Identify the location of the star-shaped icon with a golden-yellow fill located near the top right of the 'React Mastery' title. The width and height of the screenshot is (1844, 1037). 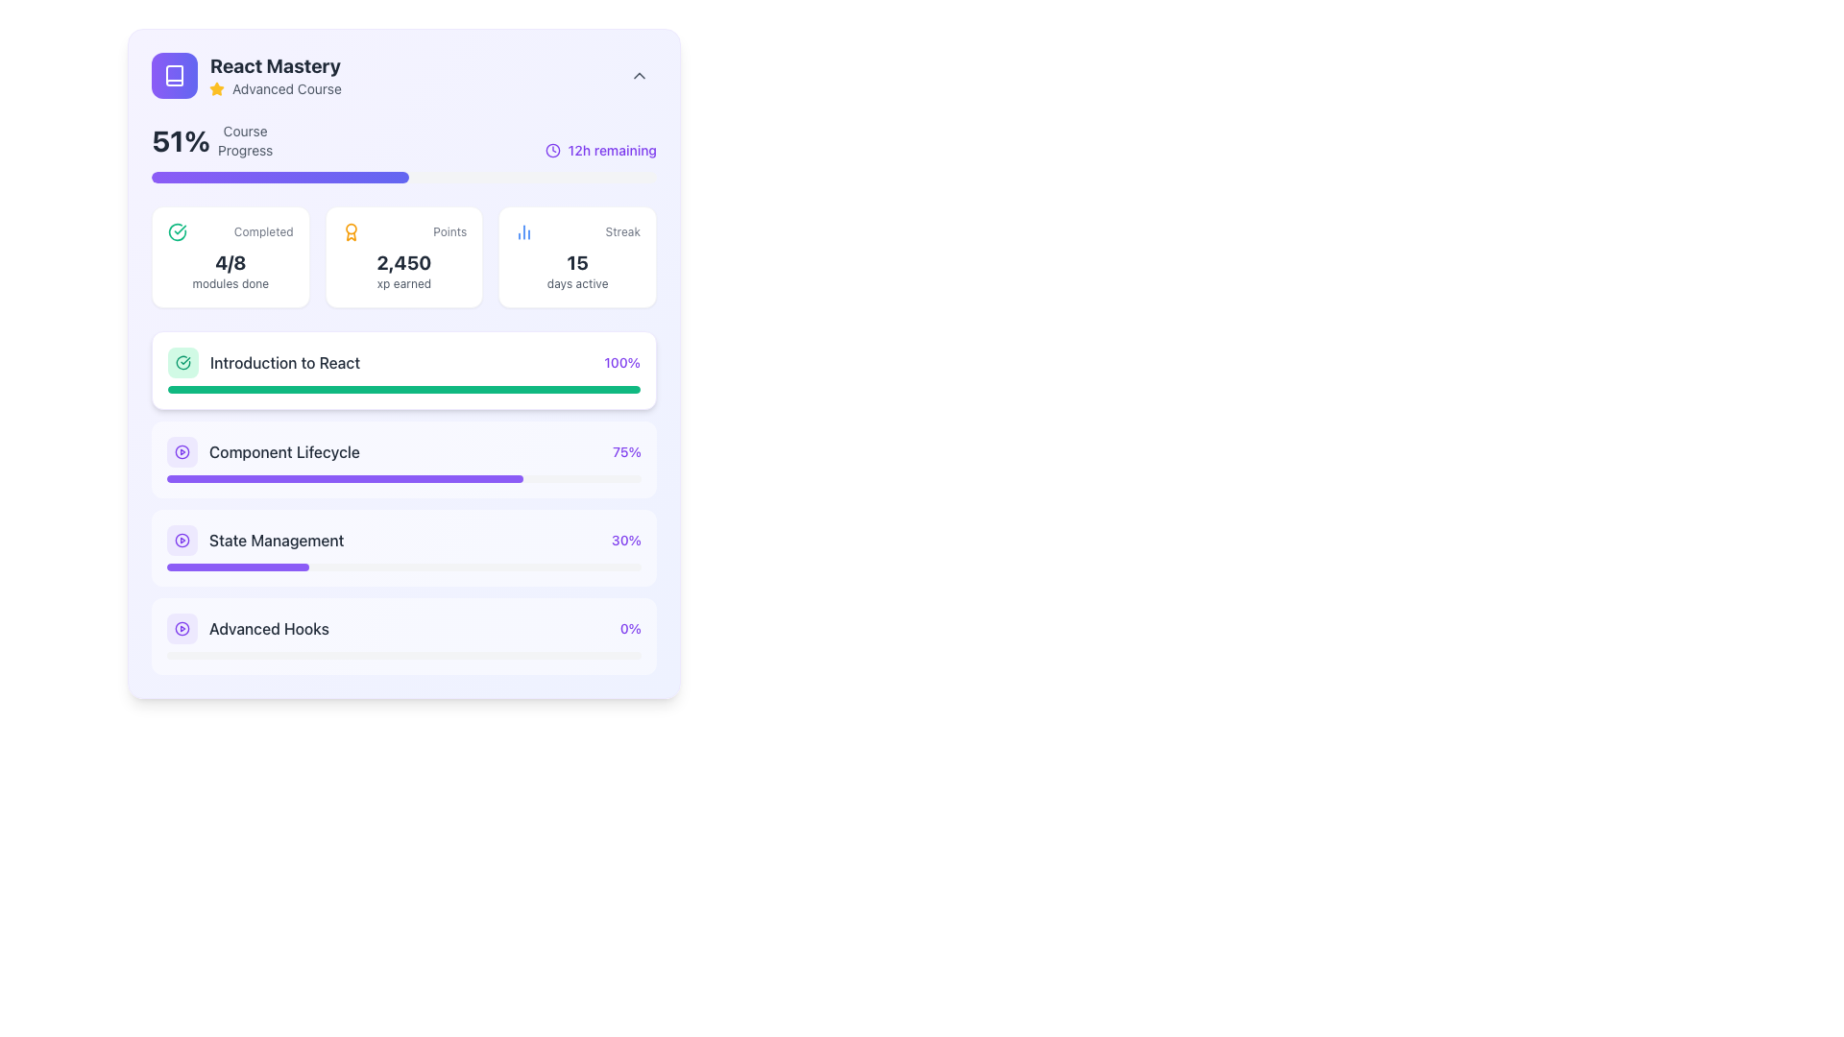
(216, 88).